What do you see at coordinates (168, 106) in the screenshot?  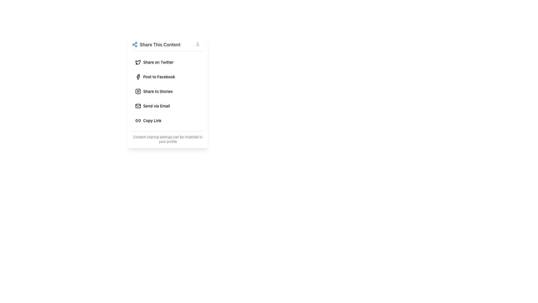 I see `the 'Send via Email' button` at bounding box center [168, 106].